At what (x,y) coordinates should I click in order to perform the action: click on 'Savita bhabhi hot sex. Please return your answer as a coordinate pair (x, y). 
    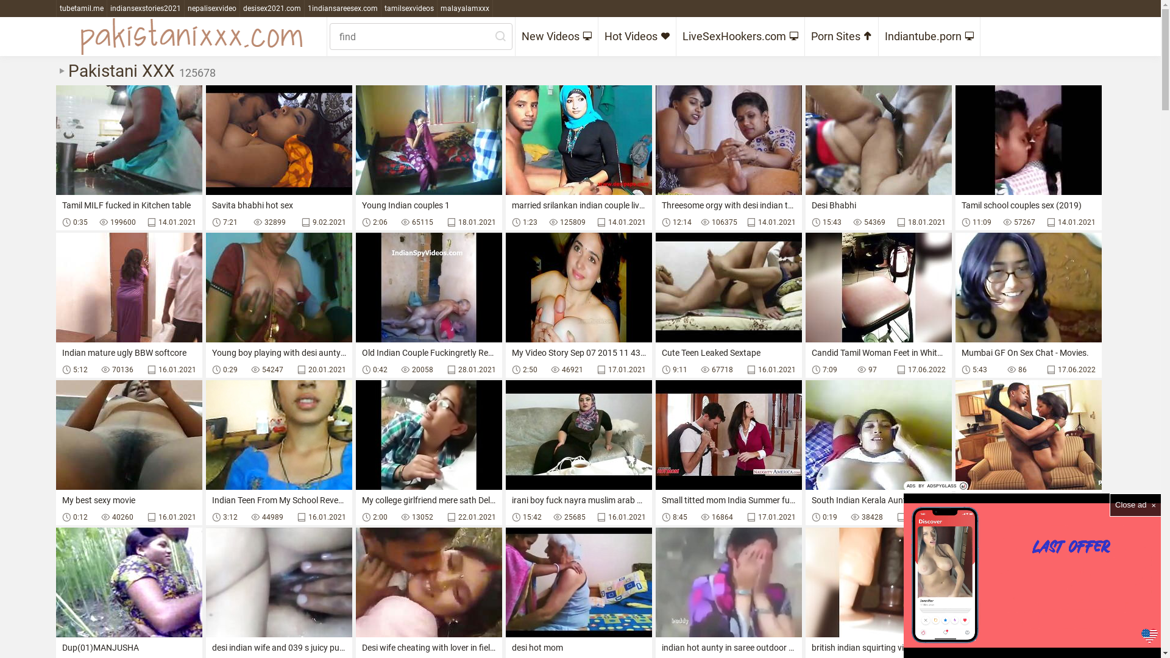
    Looking at the image, I should click on (278, 157).